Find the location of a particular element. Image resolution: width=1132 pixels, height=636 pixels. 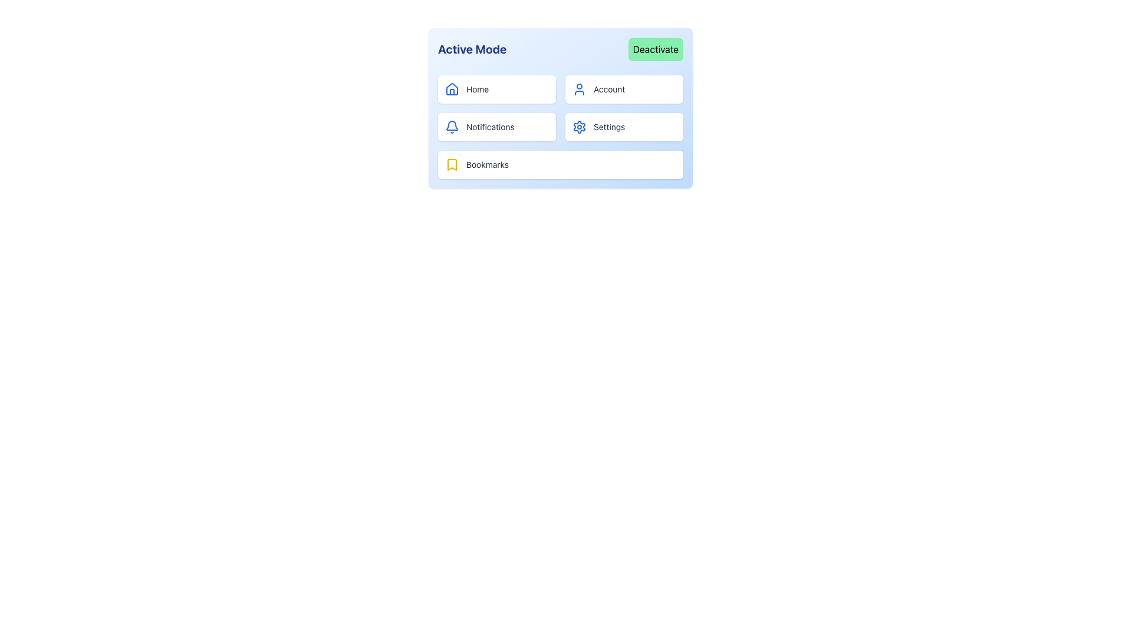

the yellow bookmark icon located to the left of the 'Bookmarks' label within the blue box labeled 'Active Mode' is located at coordinates (452, 165).